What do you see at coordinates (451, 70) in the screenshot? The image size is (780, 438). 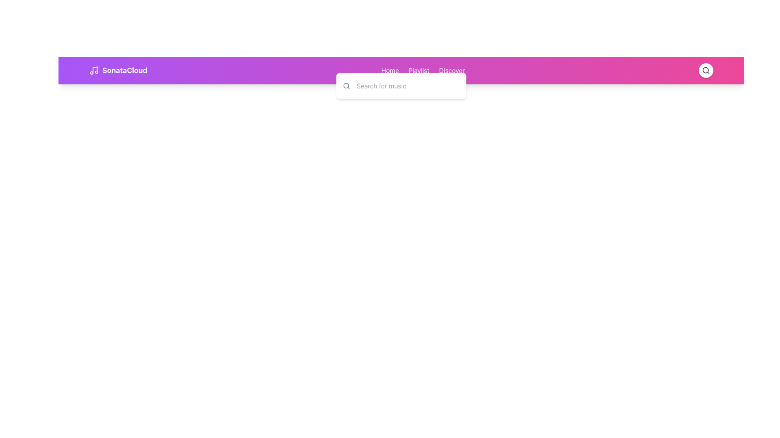 I see `the 'Discover' text label in the navigation bar` at bounding box center [451, 70].